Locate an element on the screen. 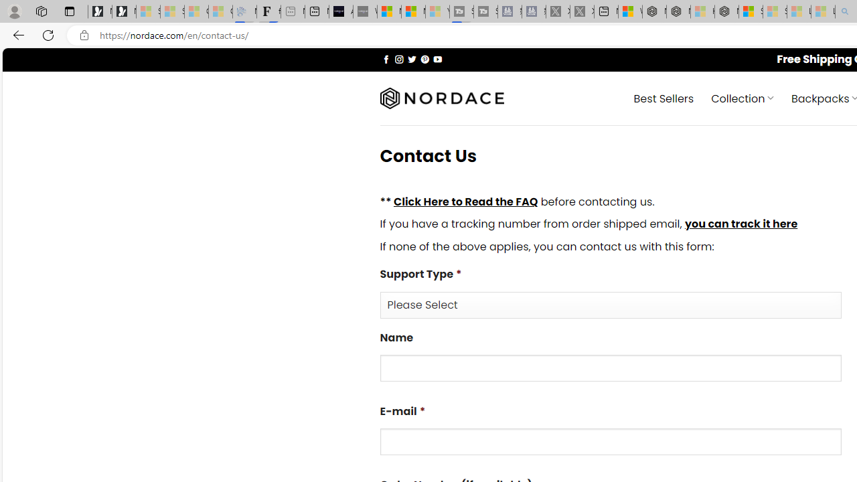 The image size is (857, 482). 'Follow on Instagram' is located at coordinates (398, 58).